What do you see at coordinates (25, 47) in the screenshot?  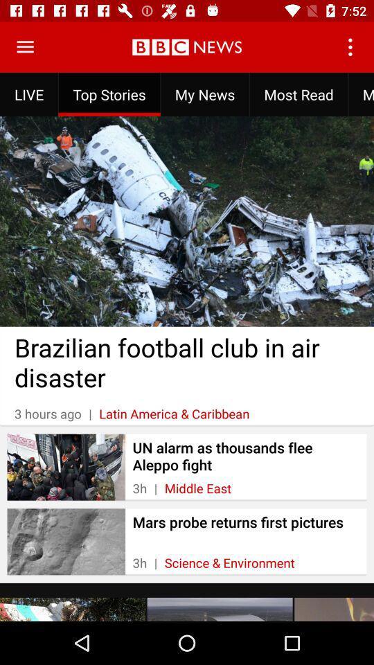 I see `open menu` at bounding box center [25, 47].